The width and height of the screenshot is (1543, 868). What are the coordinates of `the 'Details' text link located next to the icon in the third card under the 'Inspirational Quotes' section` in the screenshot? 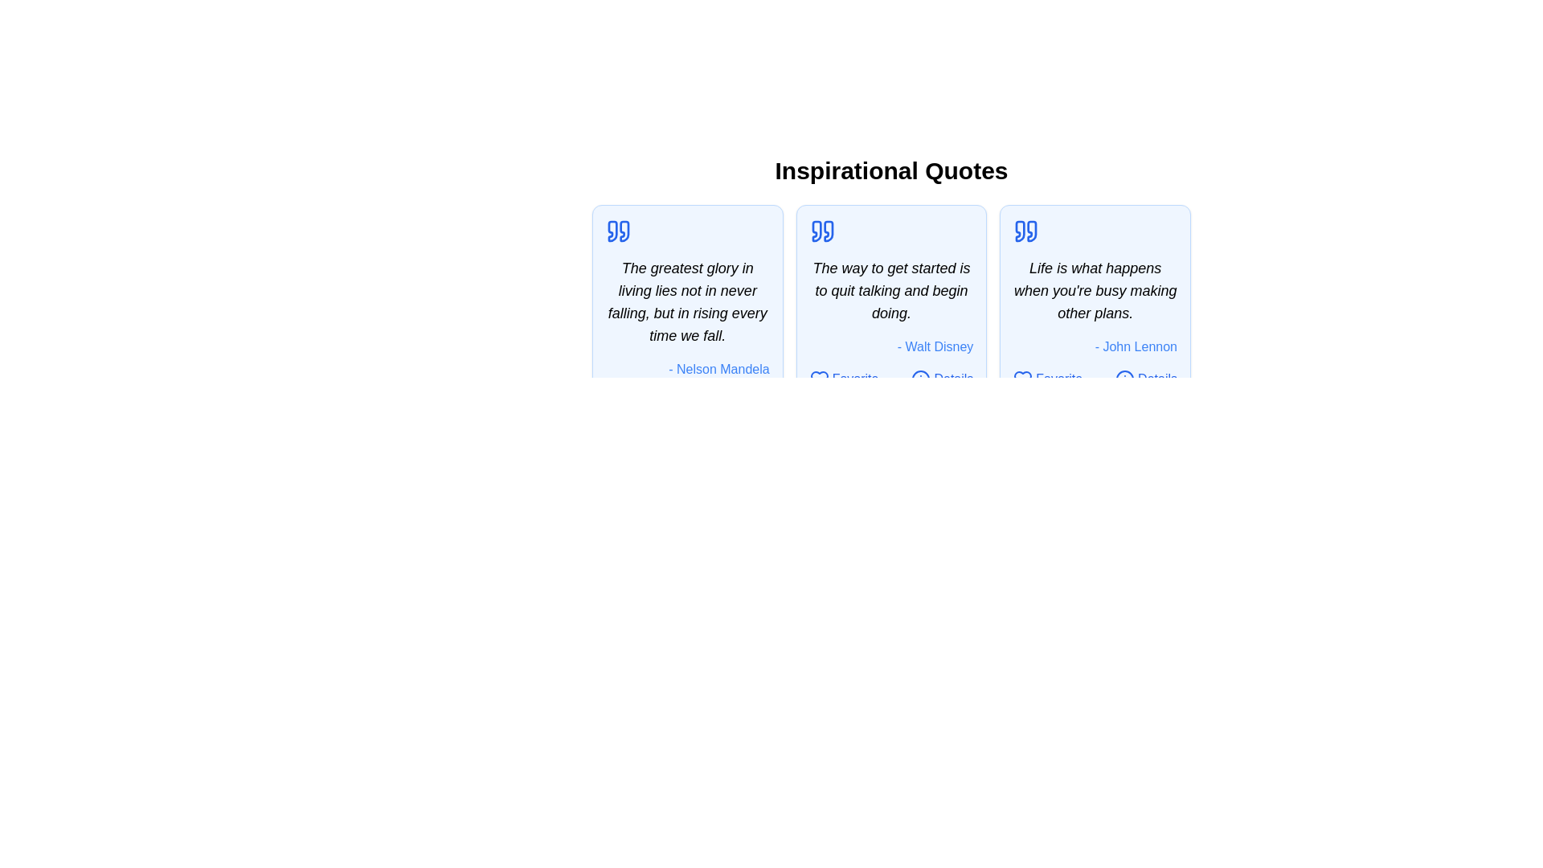 It's located at (1157, 379).